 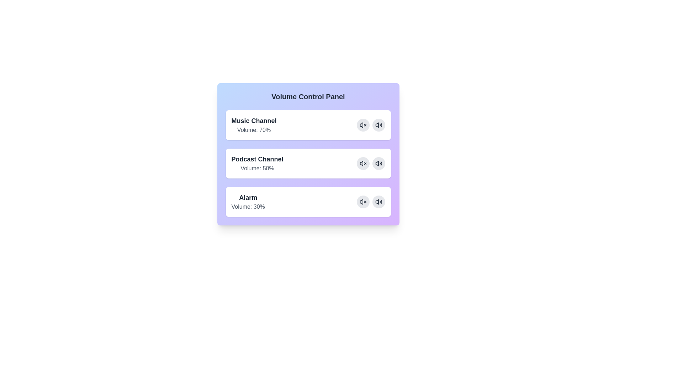 What do you see at coordinates (378, 124) in the screenshot?
I see `increase volume button for the Music Channel` at bounding box center [378, 124].